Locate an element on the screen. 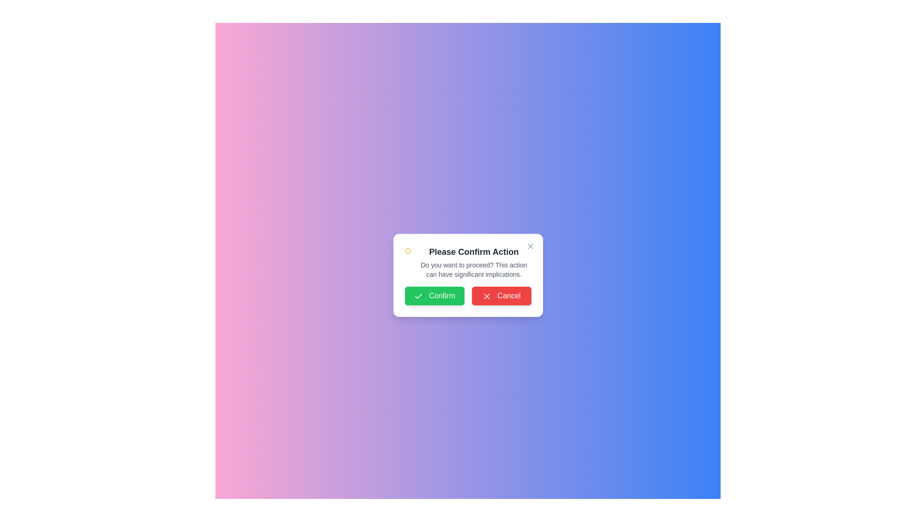  the text block displaying the message 'Do you want to proceed? This action can have significant implications.' positioned below the heading 'Please Confirm Action' in the modal dialog box is located at coordinates (474, 270).